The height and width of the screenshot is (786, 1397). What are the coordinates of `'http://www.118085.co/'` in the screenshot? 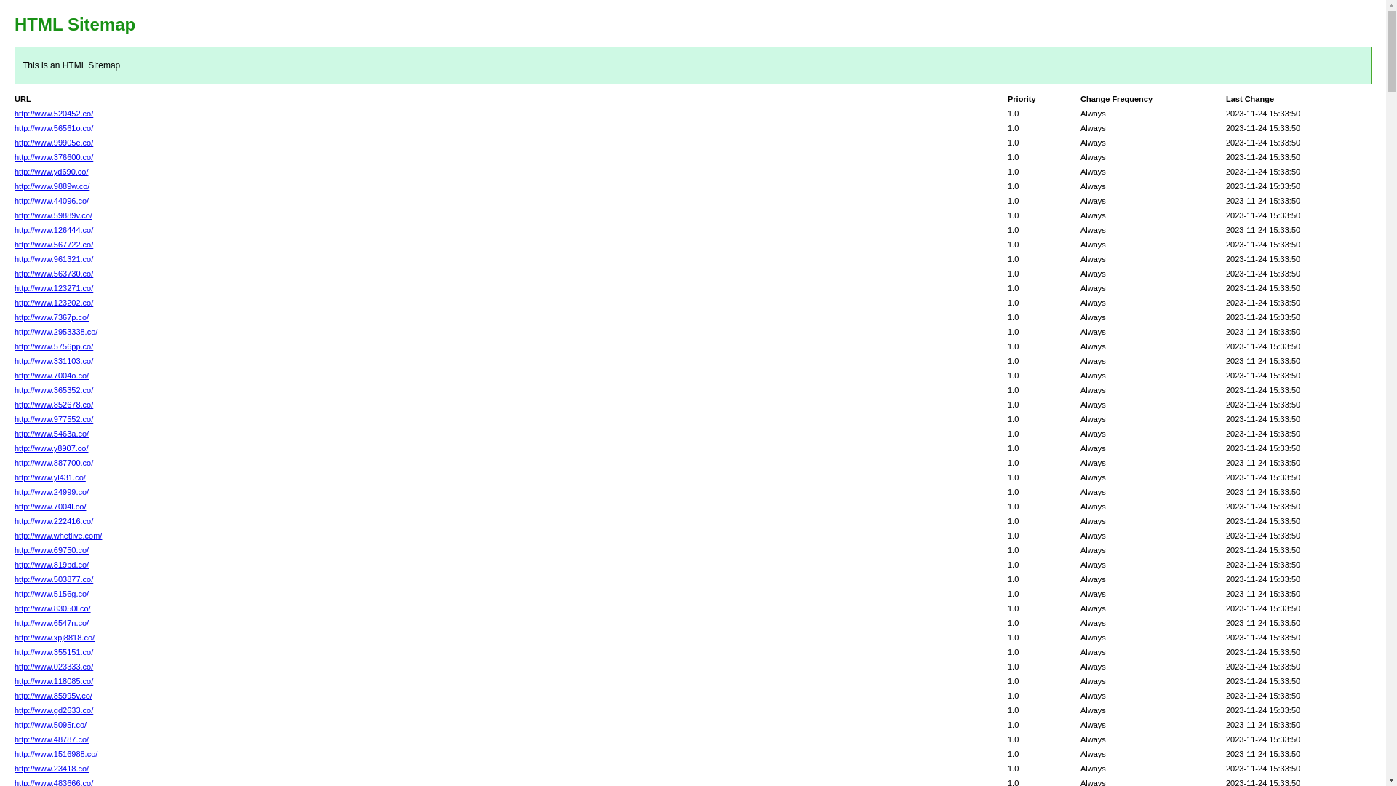 It's located at (53, 681).